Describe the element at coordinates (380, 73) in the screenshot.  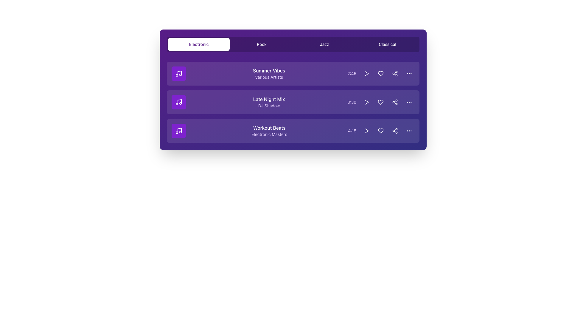
I see `the 'like' or 'favorite' button for the song 'Summer Vibes', located between the play button and the share button in the action area of the first song row` at that location.